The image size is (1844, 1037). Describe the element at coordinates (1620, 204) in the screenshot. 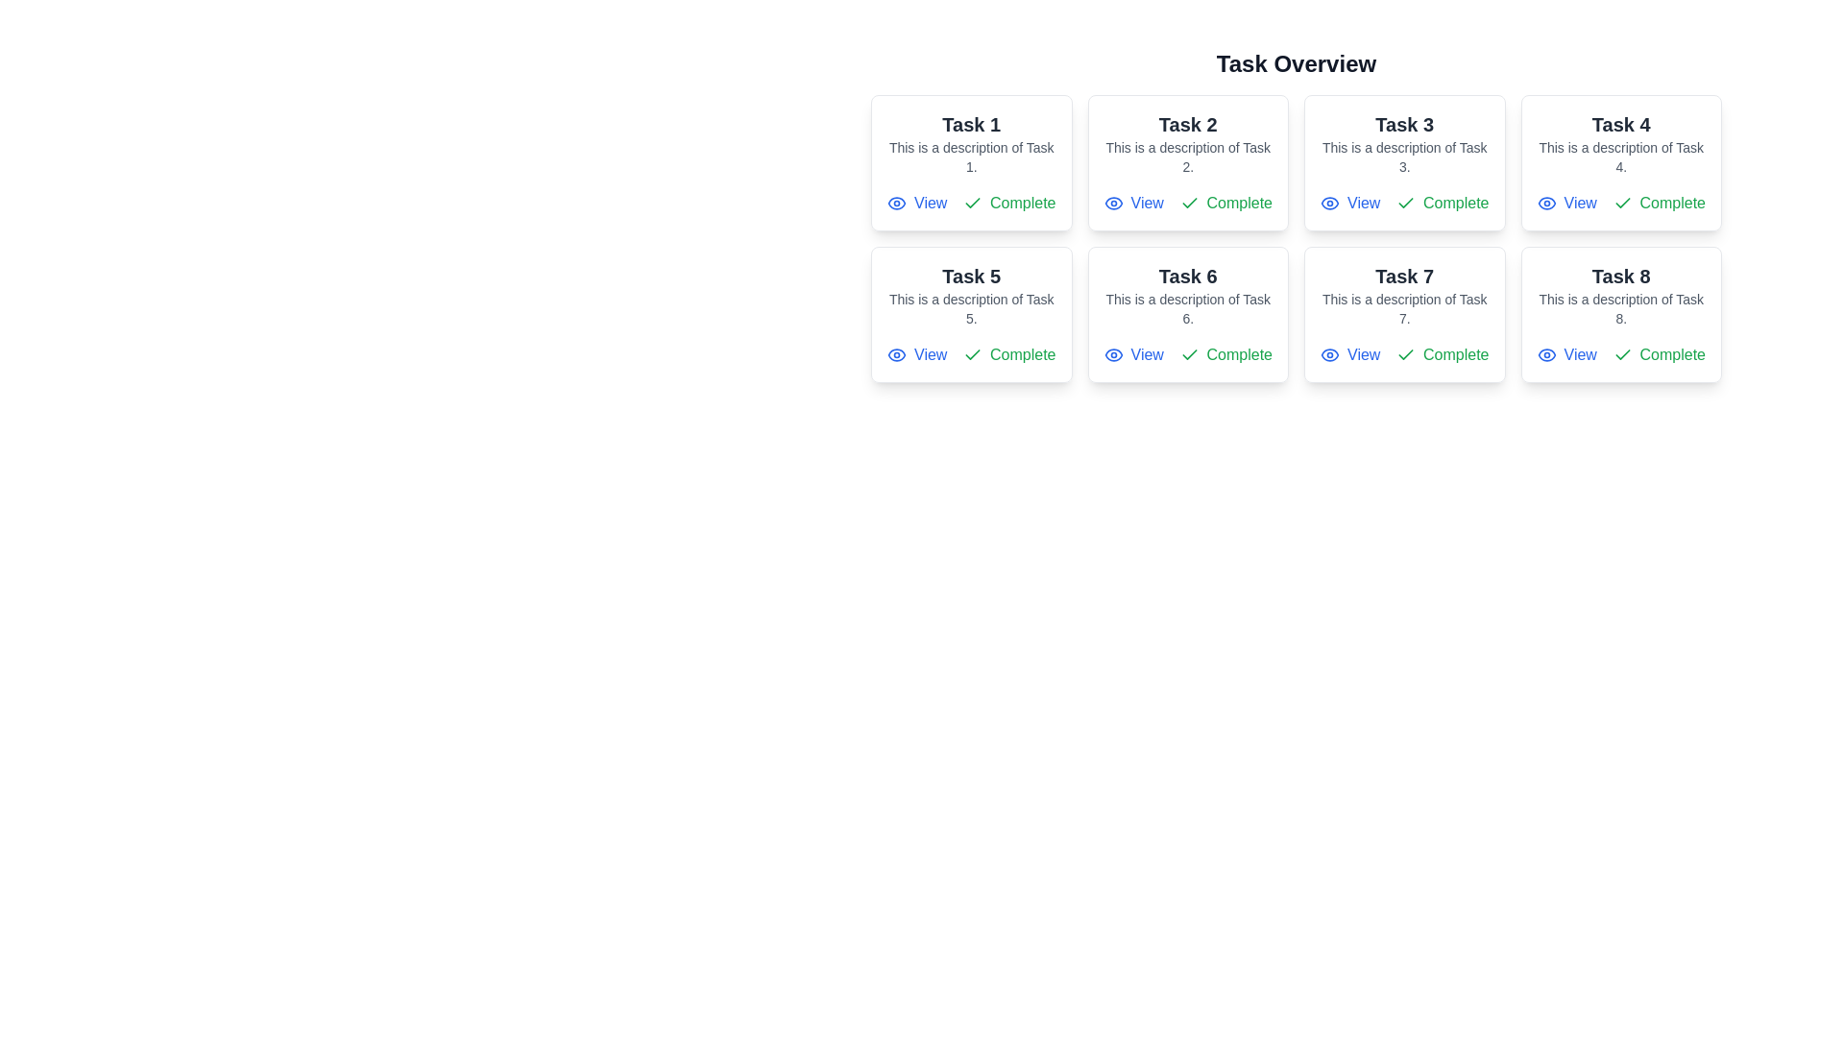

I see `the 'Complete' hyperlink within the Combination group of hyperlinks in the 'Task 4' card` at that location.